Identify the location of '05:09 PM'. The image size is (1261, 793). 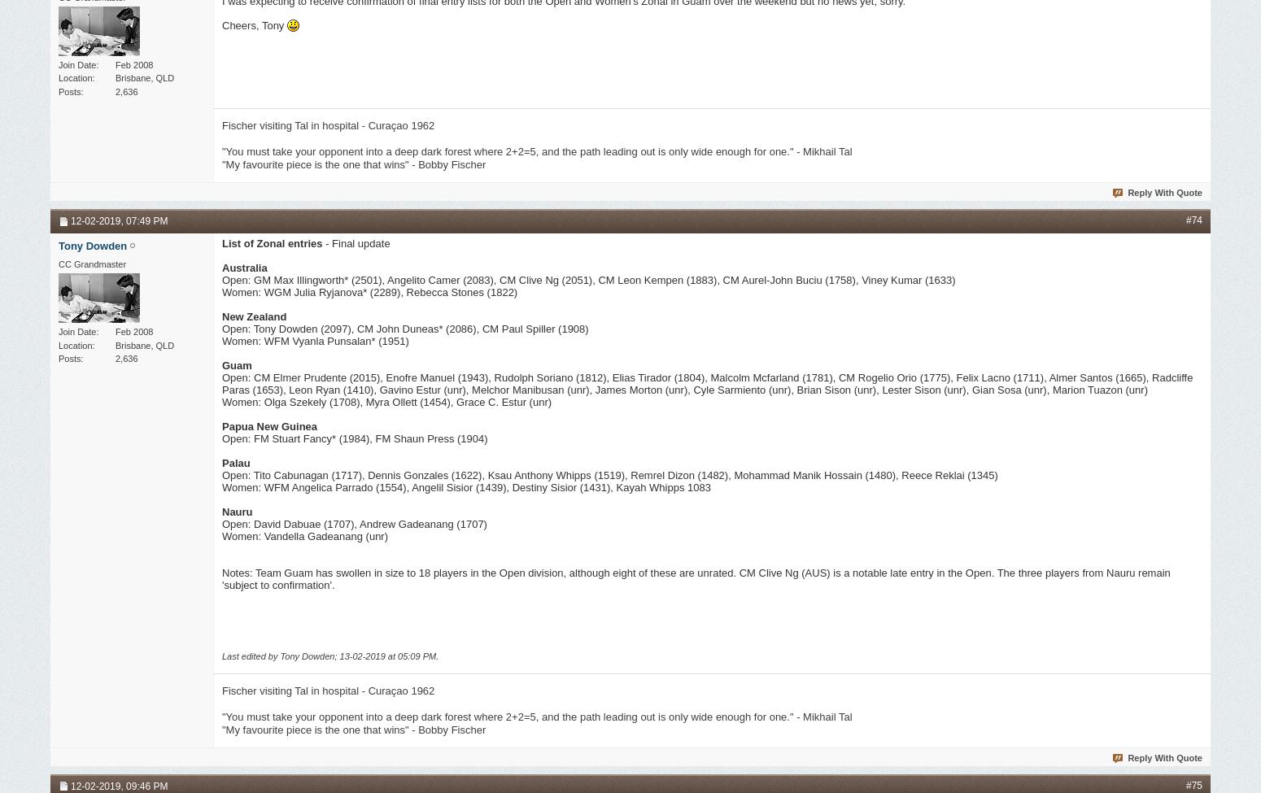
(416, 656).